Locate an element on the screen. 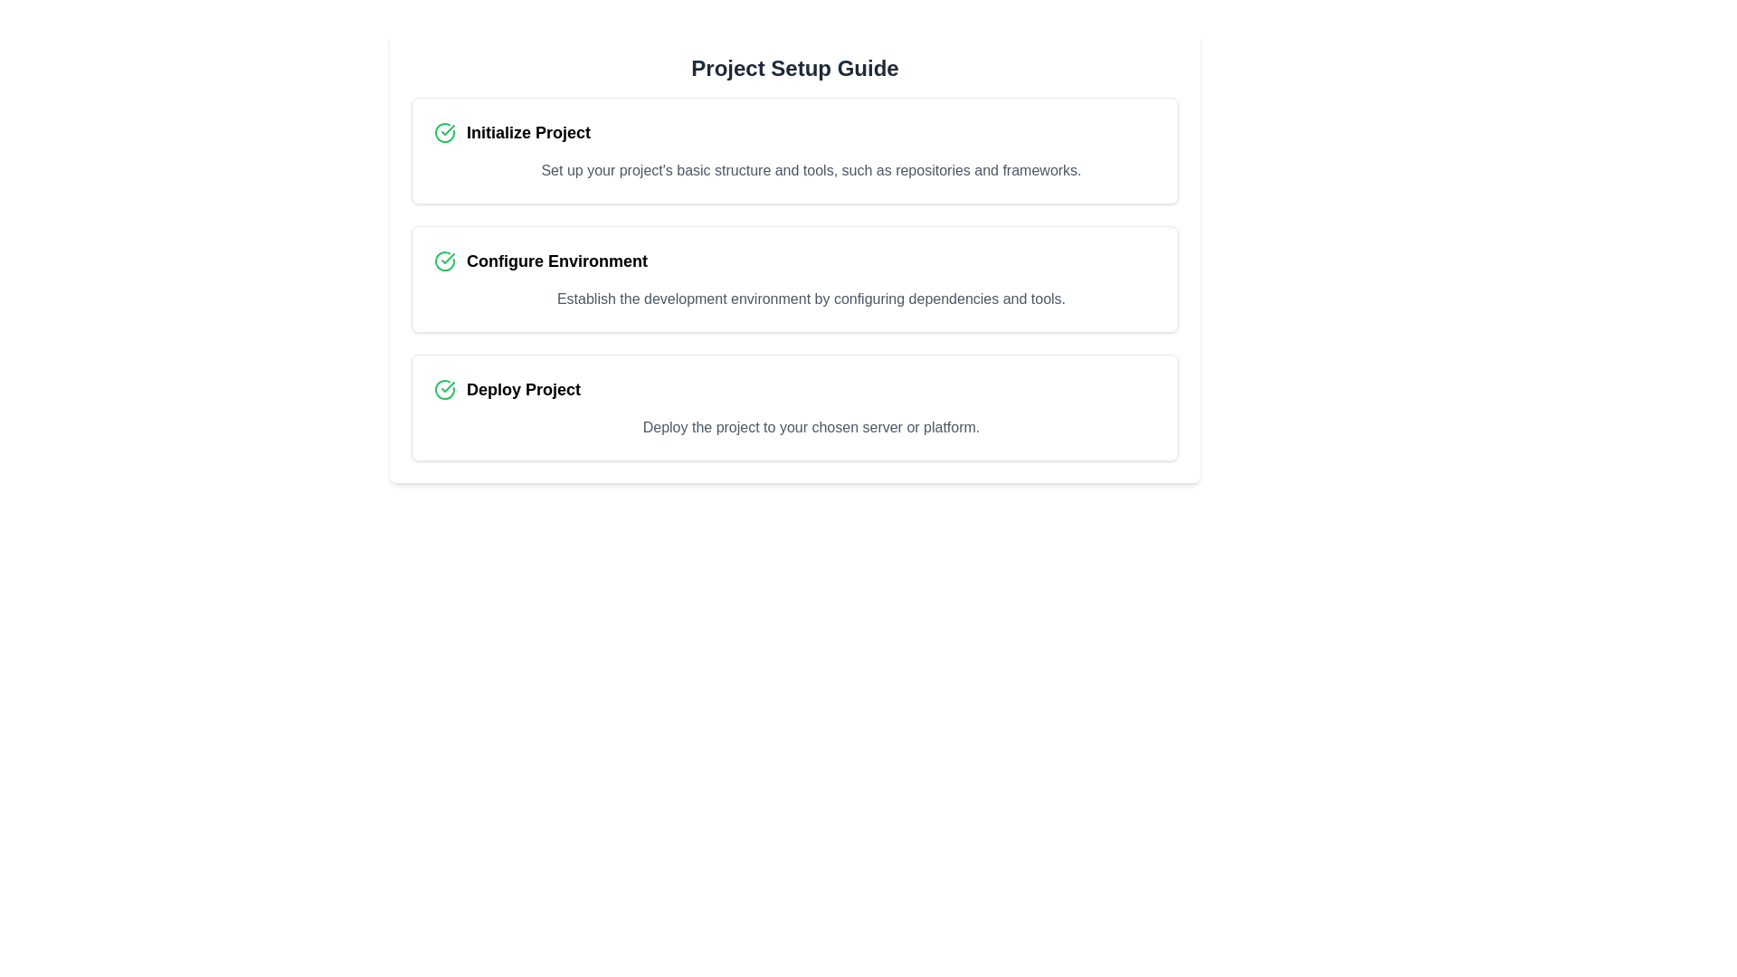  text block styled in light gray font located below the title 'Initialize Project' and to the right of the green check icon is located at coordinates (811, 171).